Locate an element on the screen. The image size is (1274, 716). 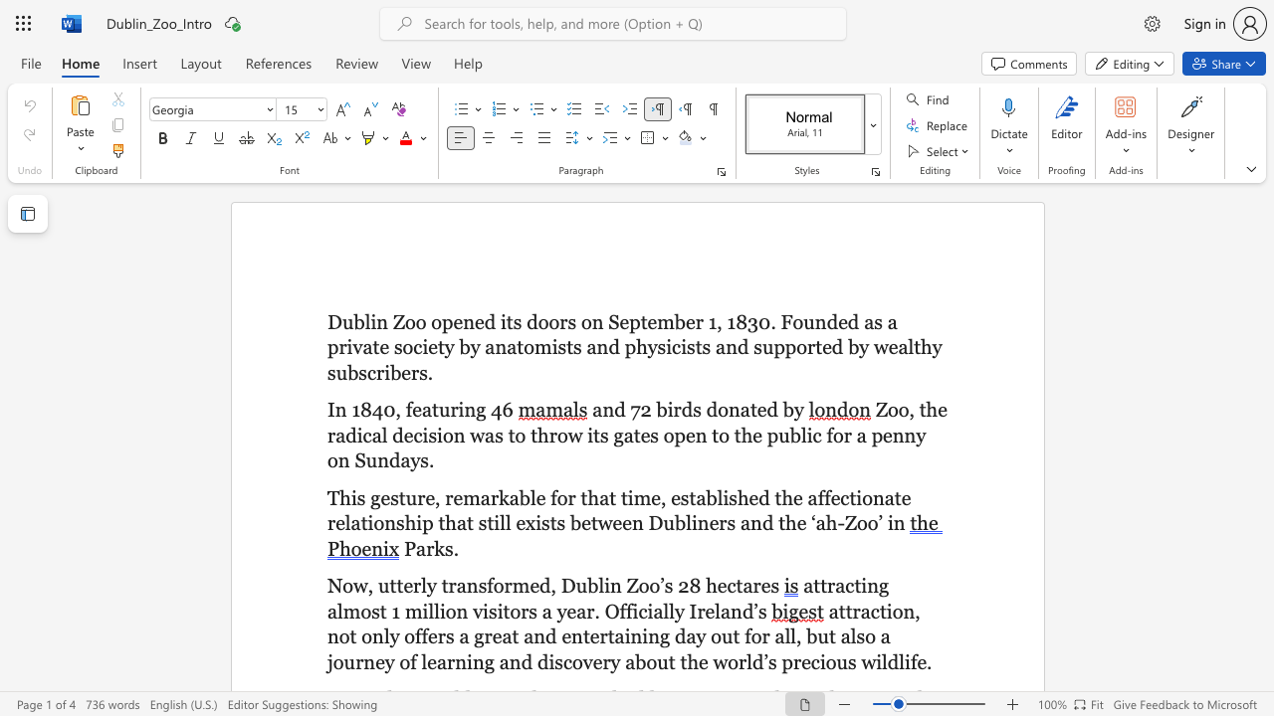
the subset text "oo, the ra" within the text "Zoo, the radical decision was to throw its gates open to the public for a penny on Sundays." is located at coordinates (886, 409).